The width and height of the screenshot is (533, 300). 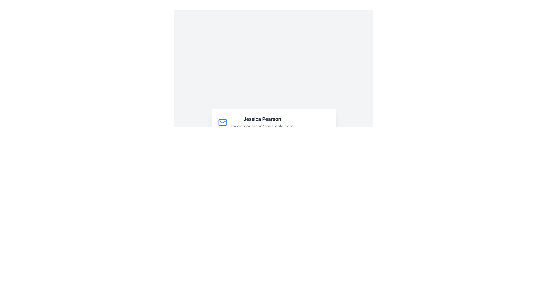 What do you see at coordinates (222, 122) in the screenshot?
I see `the blue rectangular envelope shape, which is the back part of the envelope icon located above the user details text block labeled 'Jessica Pearson'` at bounding box center [222, 122].